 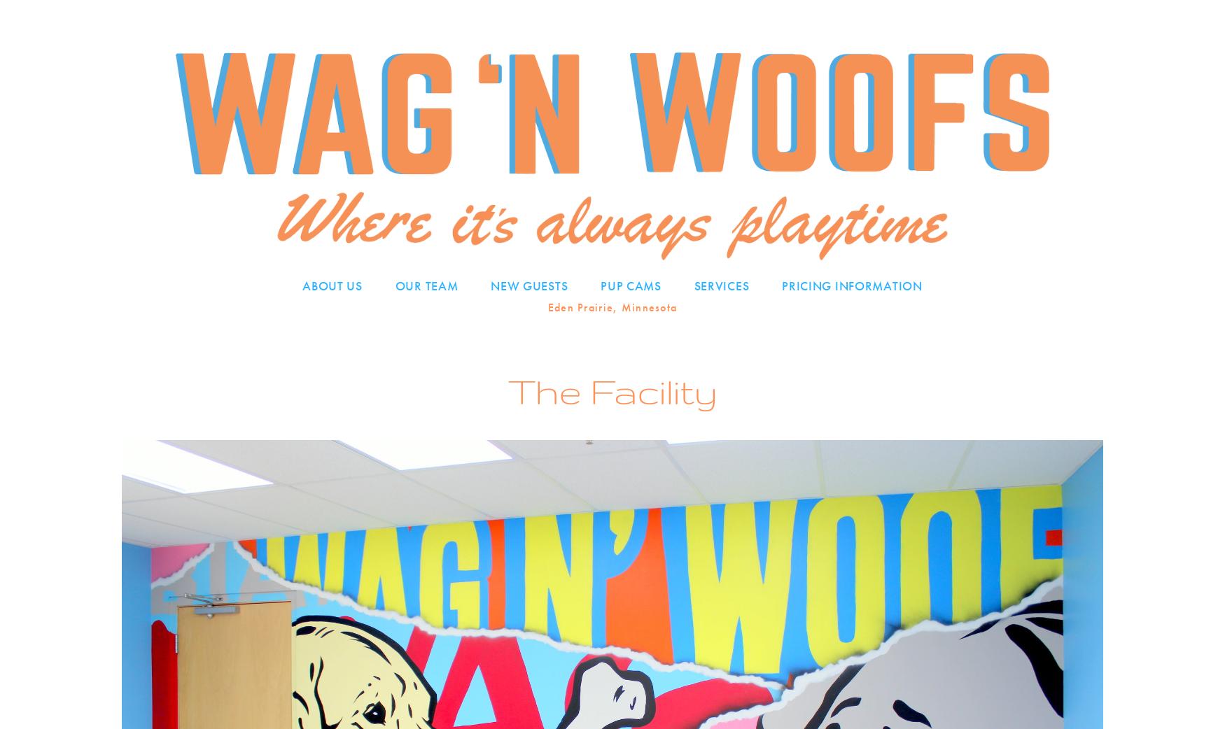 What do you see at coordinates (647, 312) in the screenshot?
I see `'Teenie Wienies'` at bounding box center [647, 312].